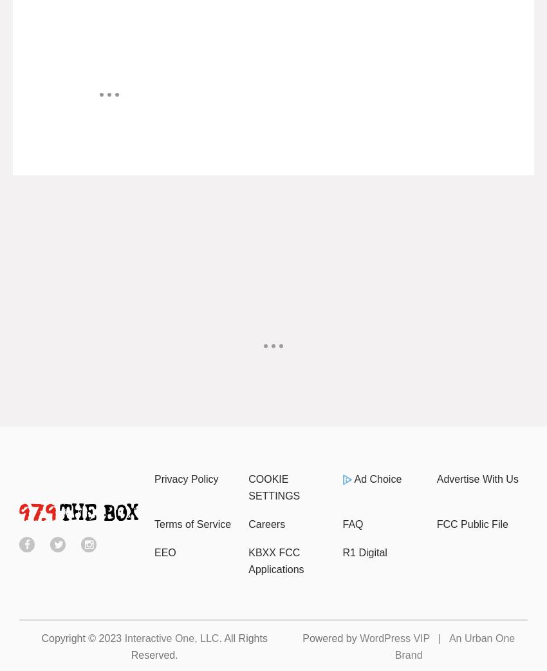  I want to click on 'COOKIE SETTINGS', so click(273, 487).